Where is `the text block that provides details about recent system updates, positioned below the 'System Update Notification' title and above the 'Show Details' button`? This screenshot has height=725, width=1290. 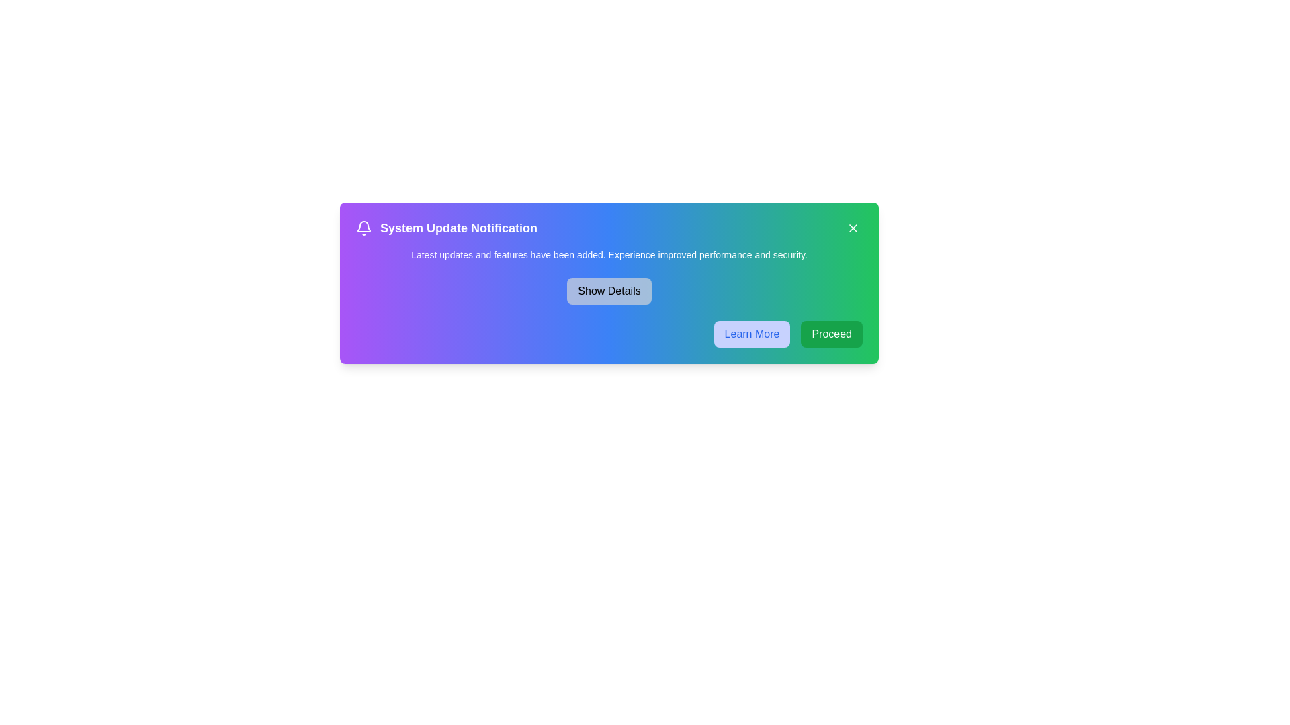 the text block that provides details about recent system updates, positioned below the 'System Update Notification' title and above the 'Show Details' button is located at coordinates (609, 255).